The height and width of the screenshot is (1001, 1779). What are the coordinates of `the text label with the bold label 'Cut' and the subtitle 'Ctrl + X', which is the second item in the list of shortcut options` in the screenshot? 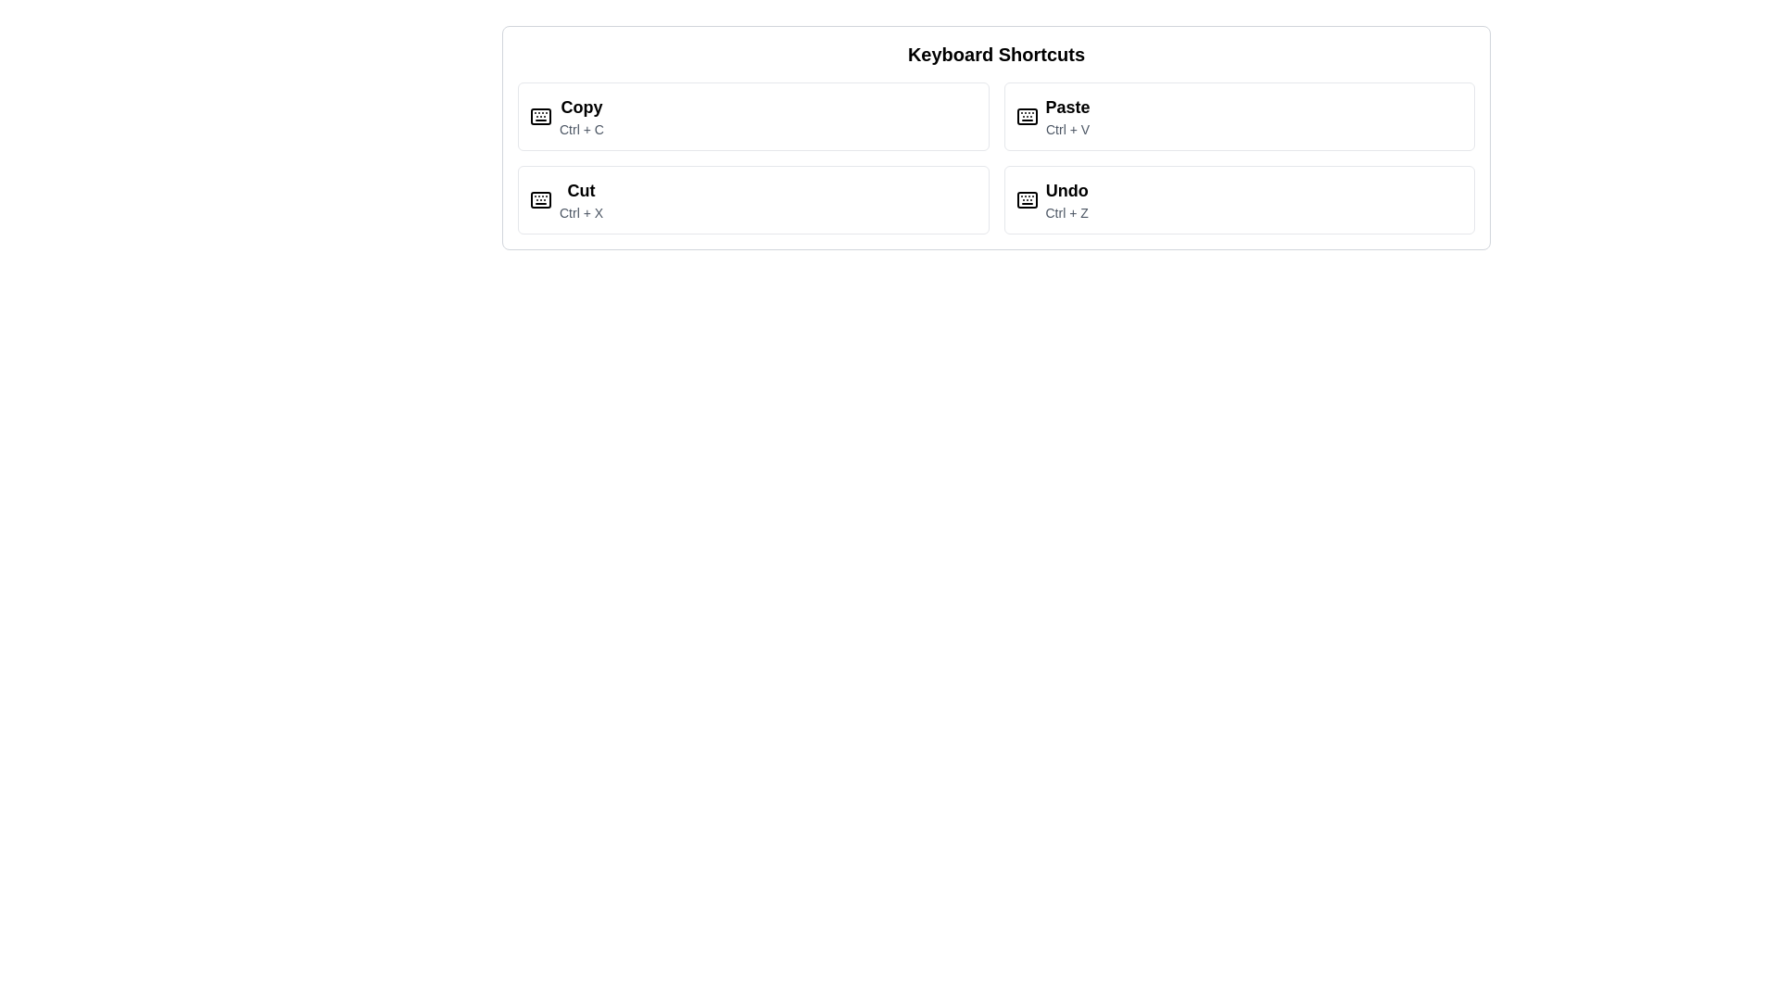 It's located at (580, 200).